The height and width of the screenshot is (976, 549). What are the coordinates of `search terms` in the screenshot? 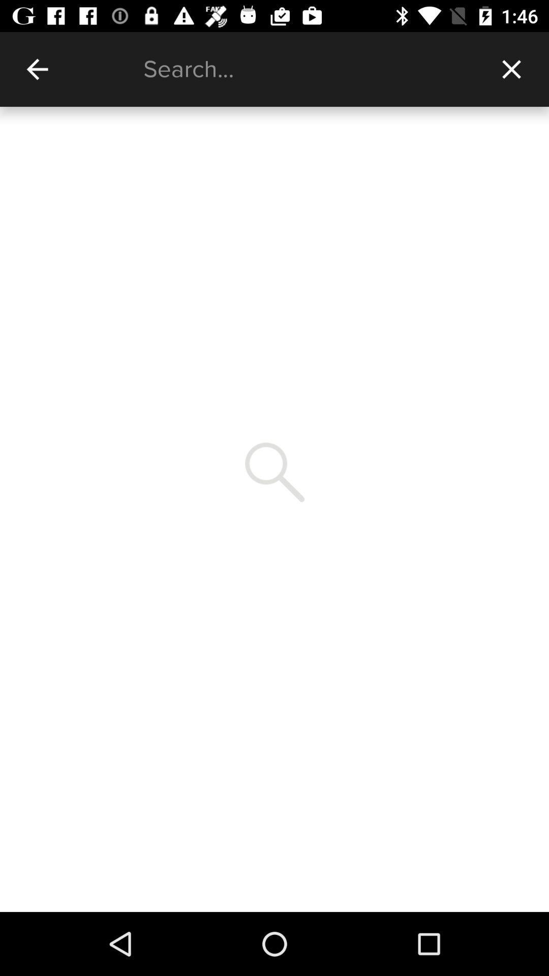 It's located at (308, 69).